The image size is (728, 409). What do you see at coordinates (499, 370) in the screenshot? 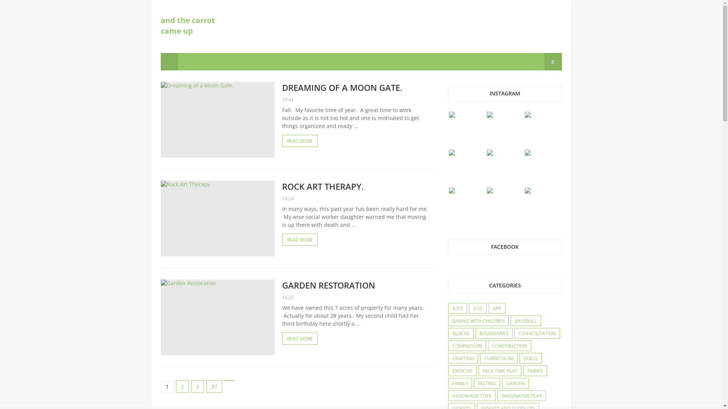
I see `'FACE TIME PLAY'` at bounding box center [499, 370].